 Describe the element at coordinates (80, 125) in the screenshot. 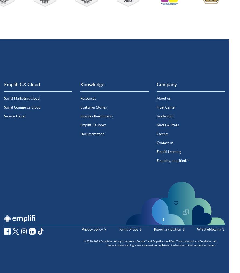

I see `'Emplifi CX Index'` at that location.